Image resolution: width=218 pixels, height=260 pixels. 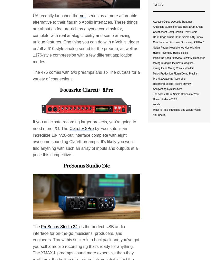 What do you see at coordinates (176, 96) in the screenshot?
I see `'The 5 Best Drum Shield Options for Your Home Studio in 2023'` at bounding box center [176, 96].